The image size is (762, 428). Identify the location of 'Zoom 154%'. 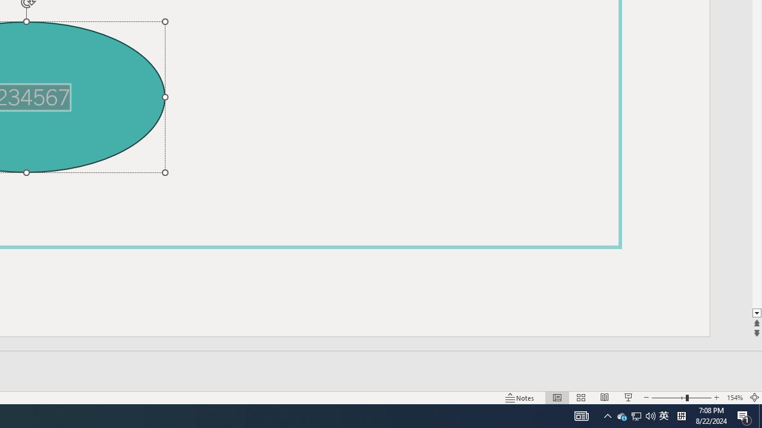
(734, 398).